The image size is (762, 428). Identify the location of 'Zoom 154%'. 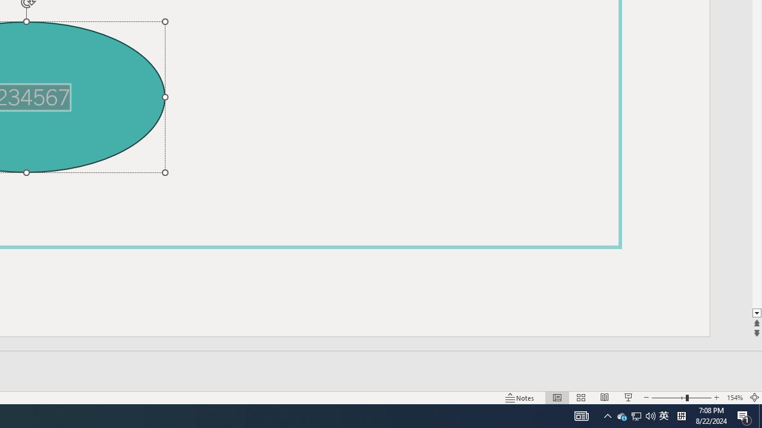
(734, 398).